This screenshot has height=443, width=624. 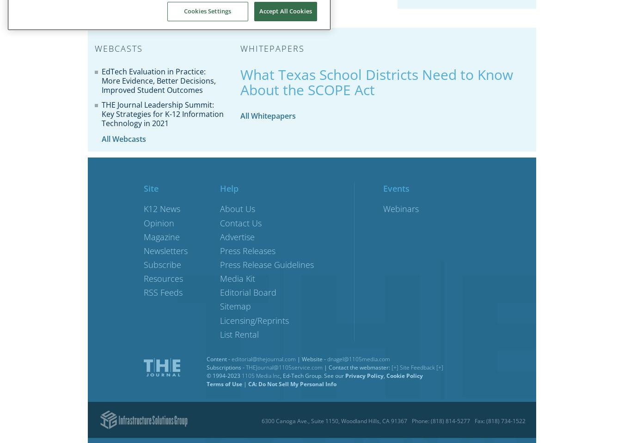 What do you see at coordinates (245, 383) in the screenshot?
I see `'|'` at bounding box center [245, 383].